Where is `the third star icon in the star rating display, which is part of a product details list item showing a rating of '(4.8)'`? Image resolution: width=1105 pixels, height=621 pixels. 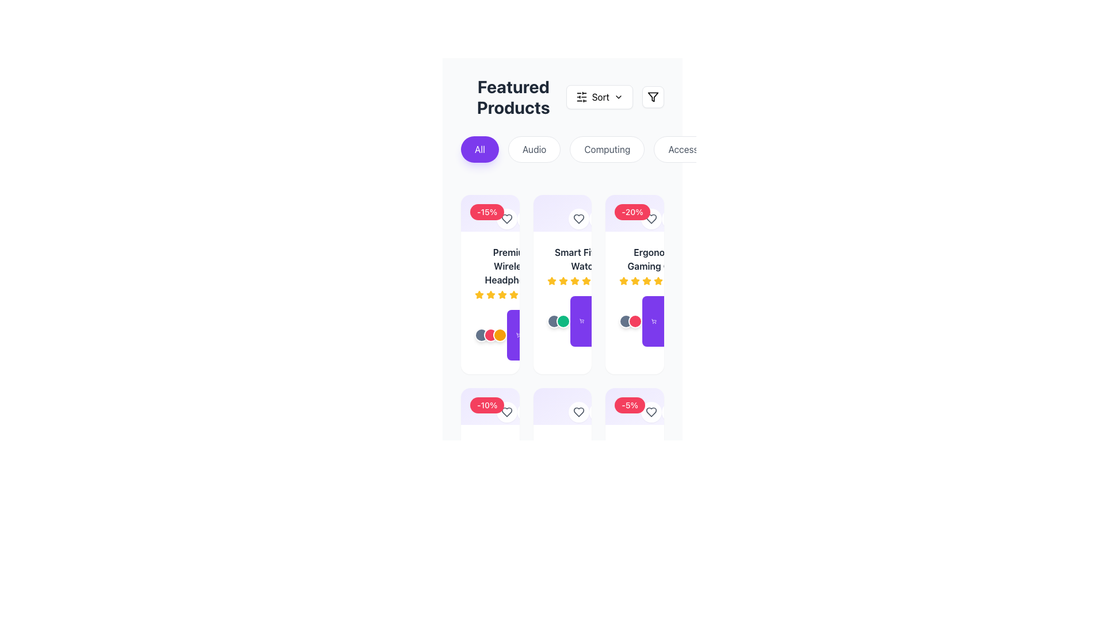 the third star icon in the star rating display, which is part of a product details list item showing a rating of '(4.8)' is located at coordinates (563, 281).